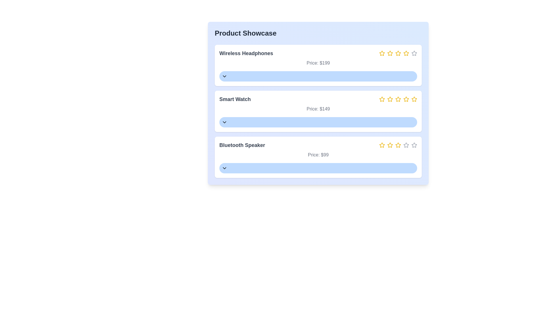  Describe the element at coordinates (397, 53) in the screenshot. I see `the third yellow hollow star icon in the rating system for the 'Wireless Headphones' product` at that location.